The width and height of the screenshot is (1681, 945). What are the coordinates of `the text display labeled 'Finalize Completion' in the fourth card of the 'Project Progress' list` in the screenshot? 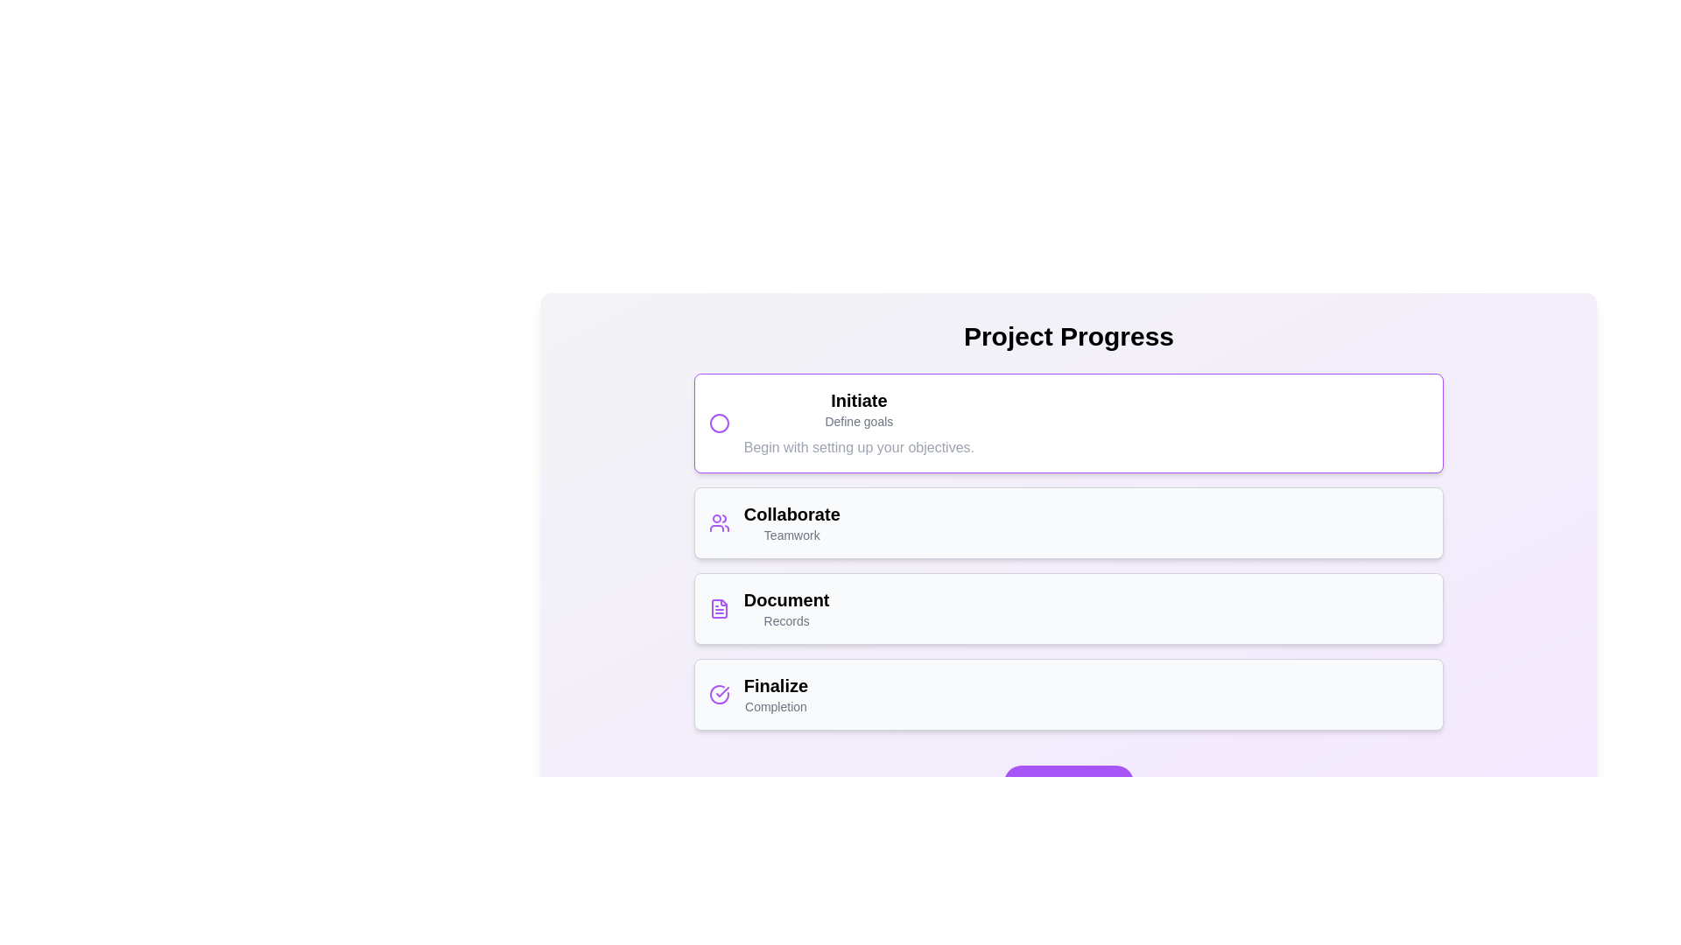 It's located at (775, 694).